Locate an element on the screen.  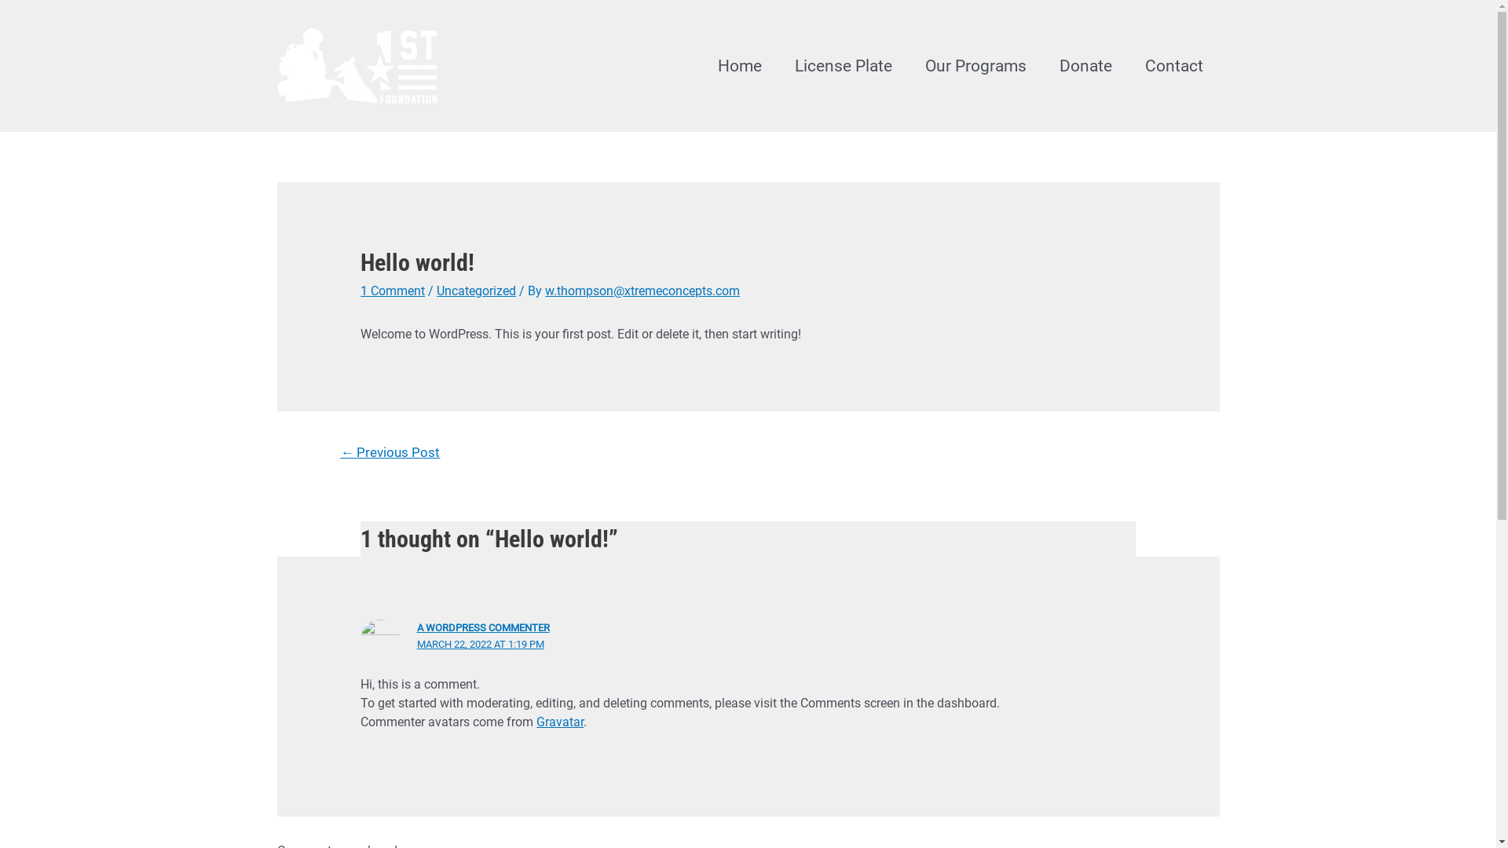
'MARCH 22, 2022 AT 1:19 PM' is located at coordinates (479, 644).